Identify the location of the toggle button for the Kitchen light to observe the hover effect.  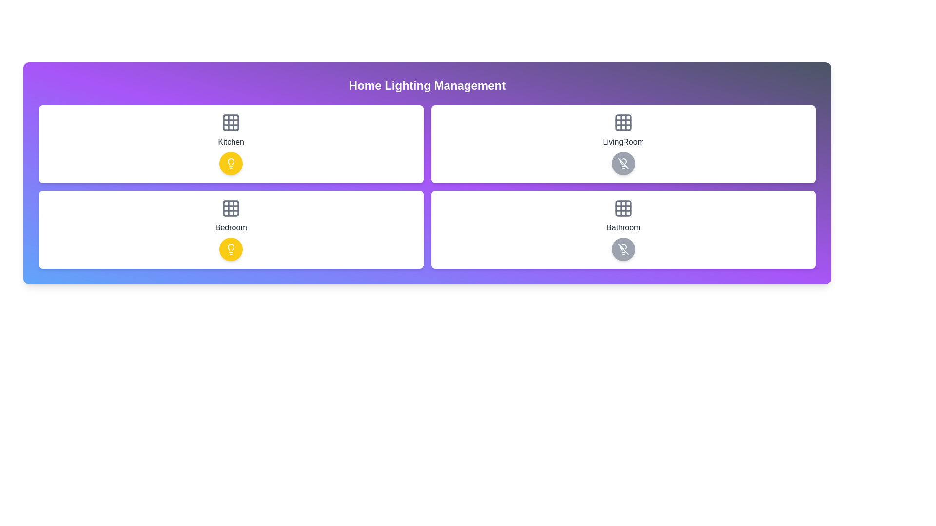
(231, 163).